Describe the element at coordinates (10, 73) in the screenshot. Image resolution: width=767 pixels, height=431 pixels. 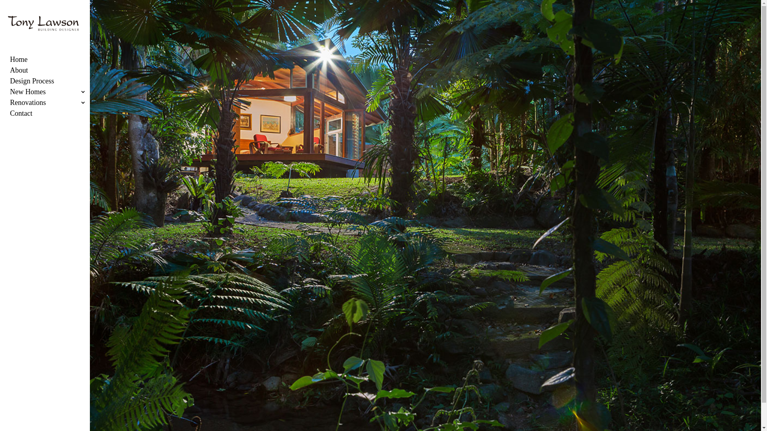
I see `'About'` at that location.